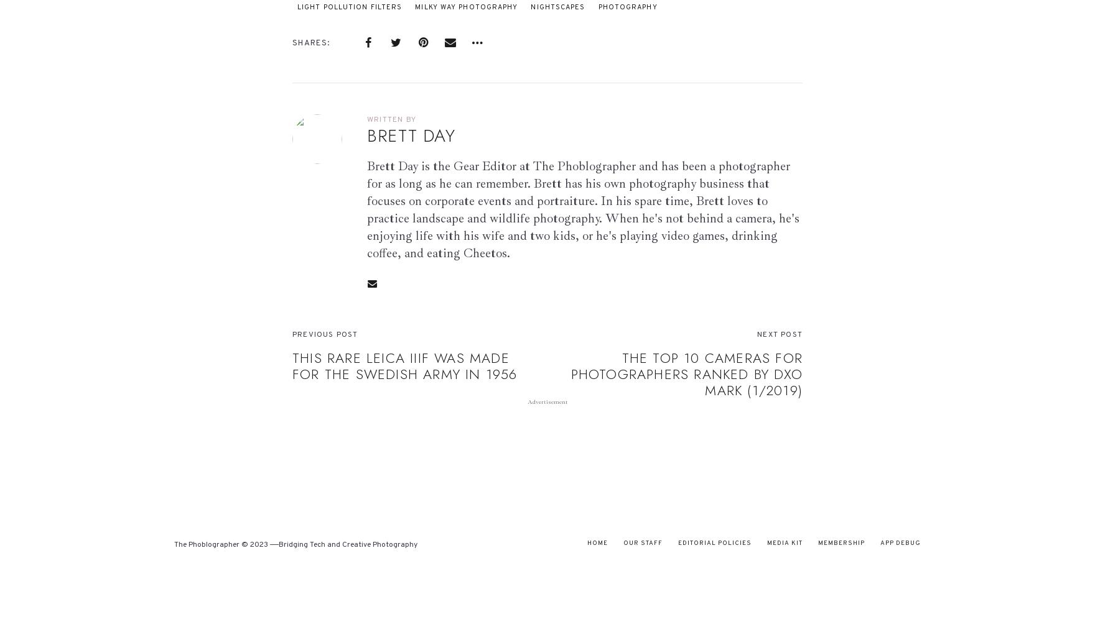 This screenshot has width=1095, height=617. I want to click on 'Advertisement', so click(526, 400).